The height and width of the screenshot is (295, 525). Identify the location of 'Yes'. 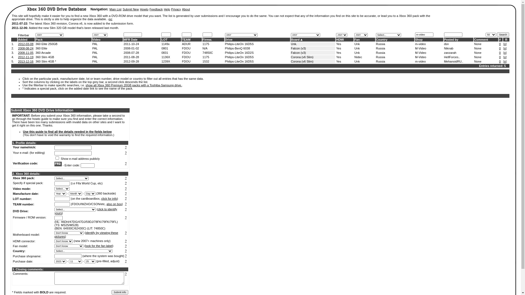
(336, 52).